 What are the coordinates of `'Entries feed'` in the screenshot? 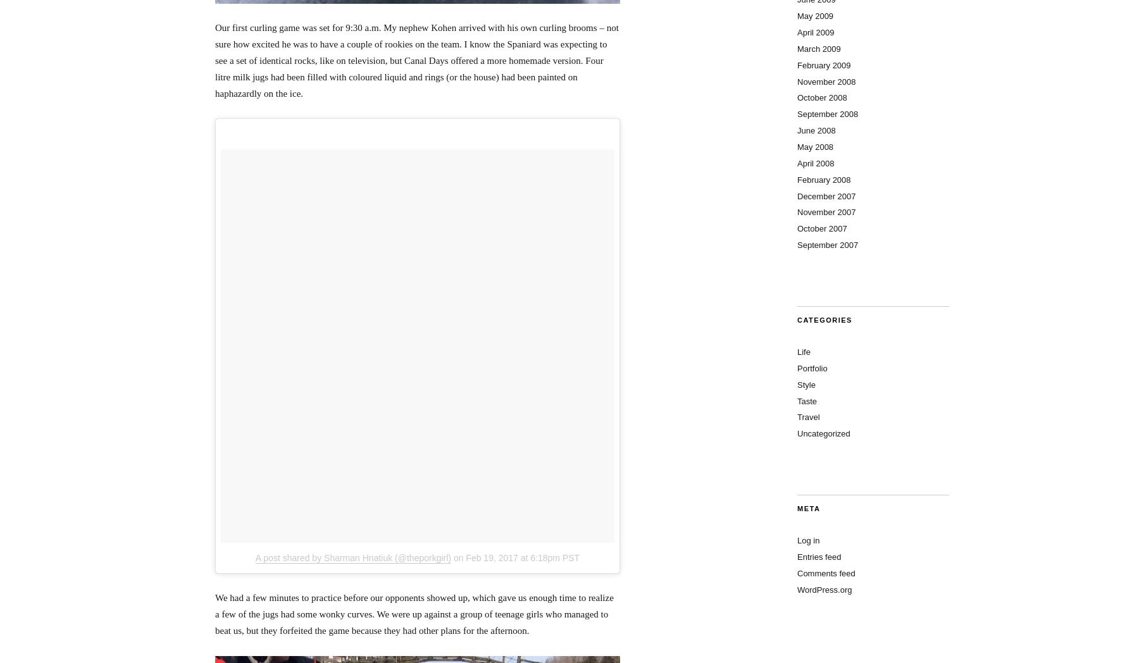 It's located at (819, 556).